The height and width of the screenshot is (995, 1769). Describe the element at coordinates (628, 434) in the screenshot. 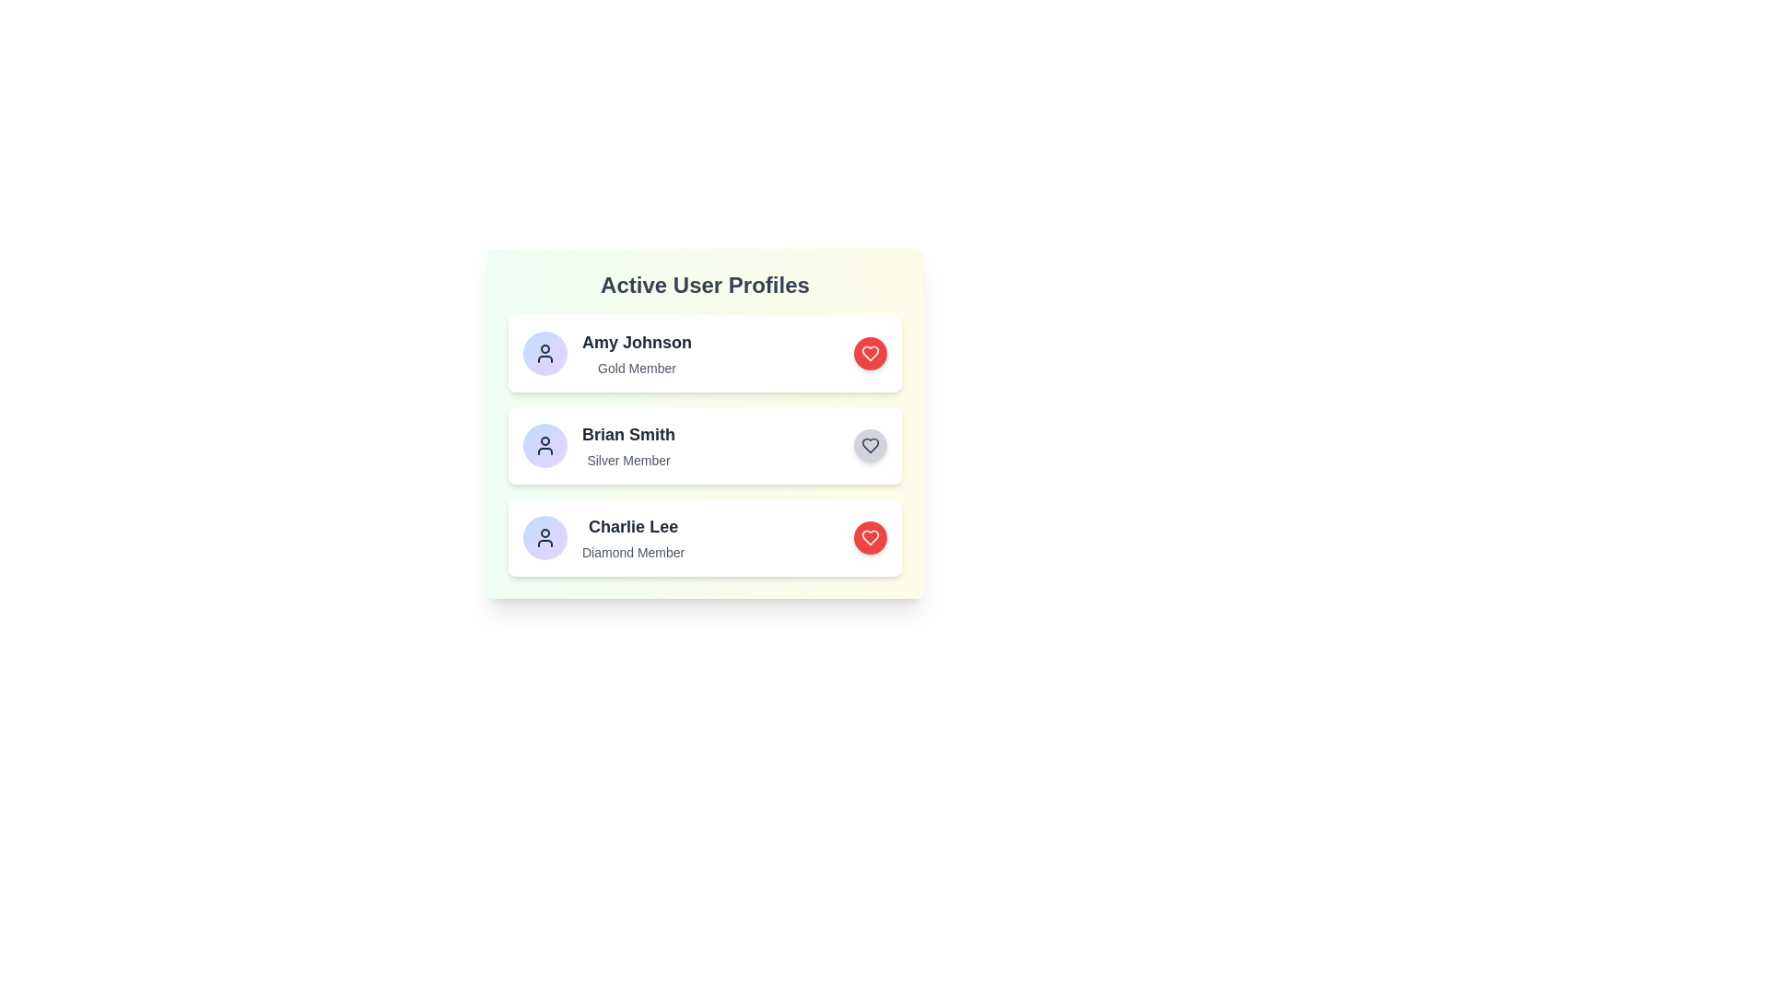

I see `the Static Text Label displaying 'Brian Smith' in the user profile card located in the second row of the list` at that location.